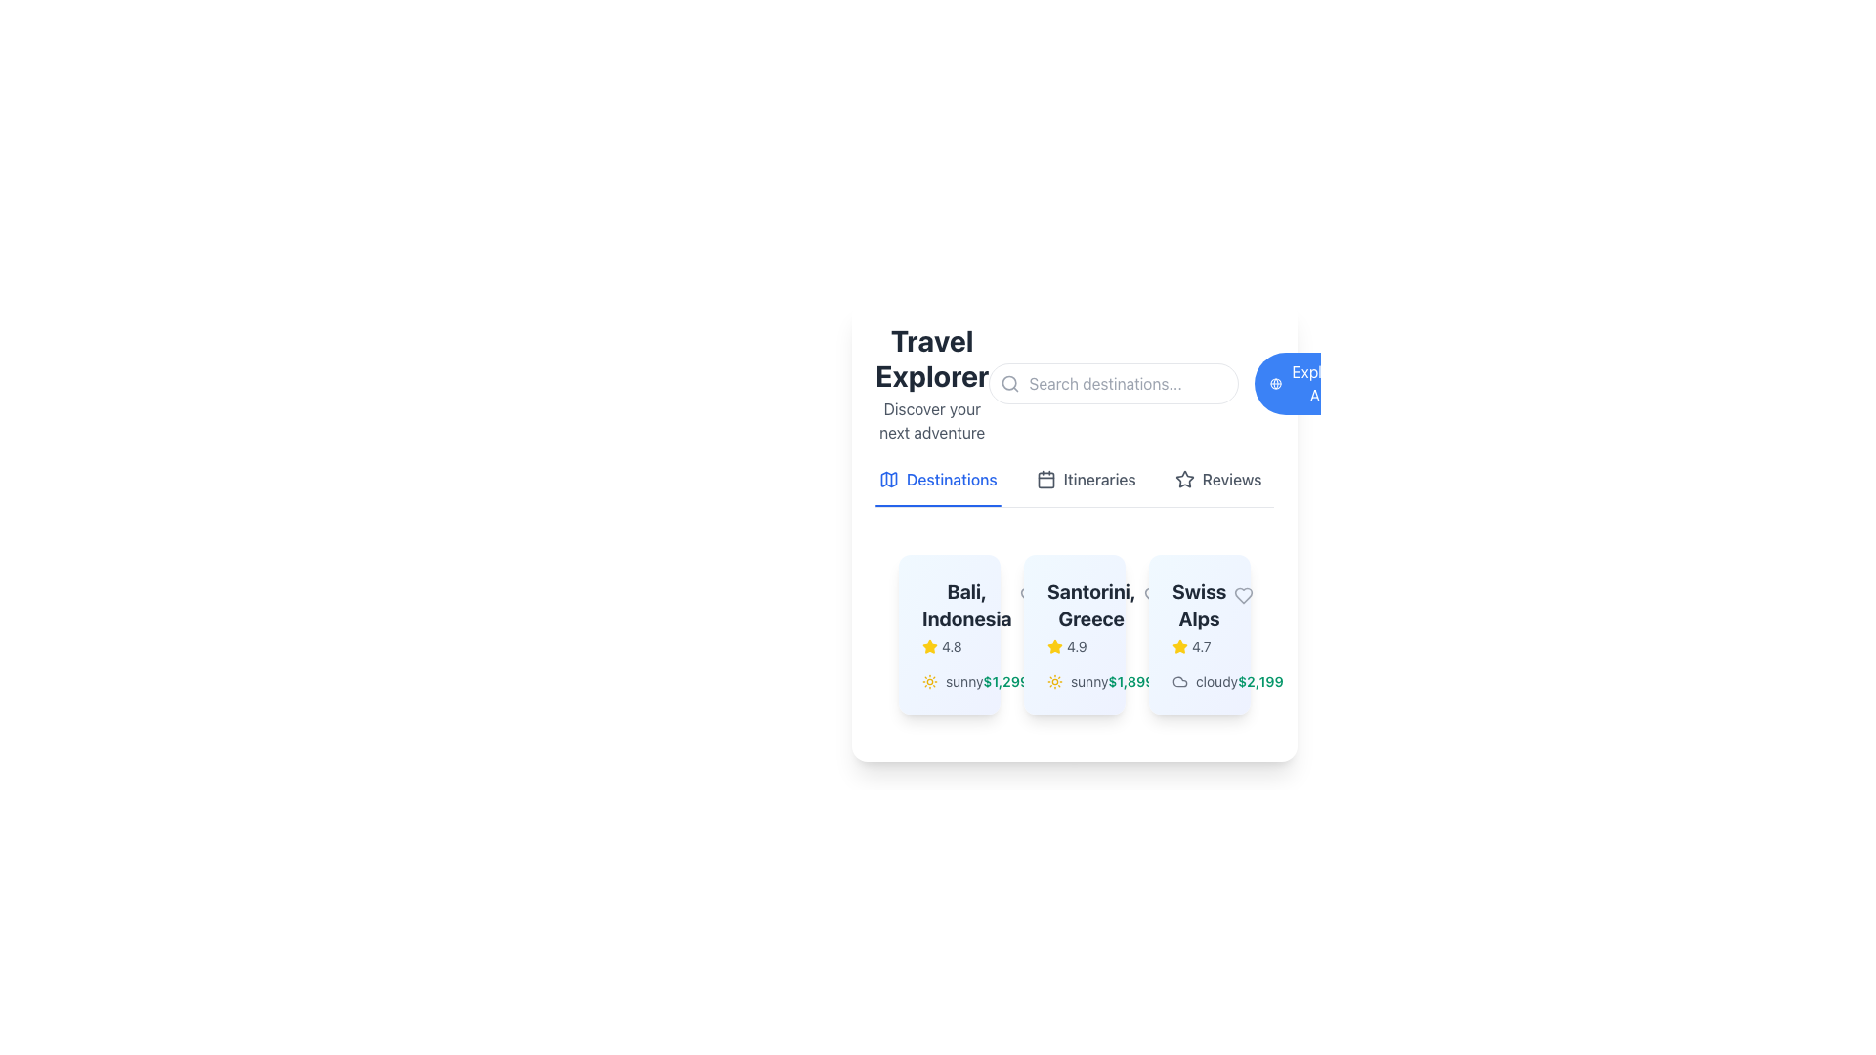 Image resolution: width=1876 pixels, height=1055 pixels. Describe the element at coordinates (1073, 617) in the screenshot. I see `the Text label with icon that displays the name and rating of a travel destination, located in the middle of the second card in a horizontal list of destination cards` at that location.